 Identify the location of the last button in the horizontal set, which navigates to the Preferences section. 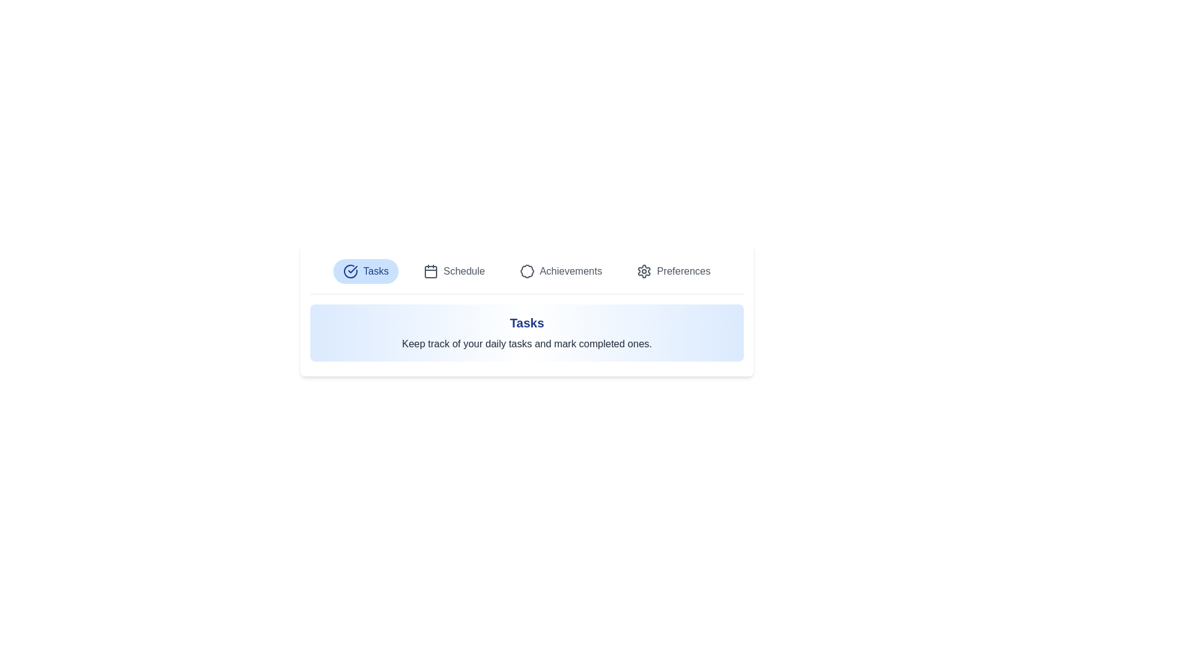
(673, 270).